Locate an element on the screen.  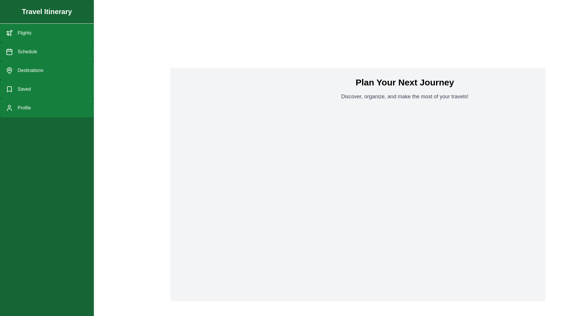
the green rectangle with rounded corners that forms part of the calendar icon in the sidebar menu is located at coordinates (9, 51).